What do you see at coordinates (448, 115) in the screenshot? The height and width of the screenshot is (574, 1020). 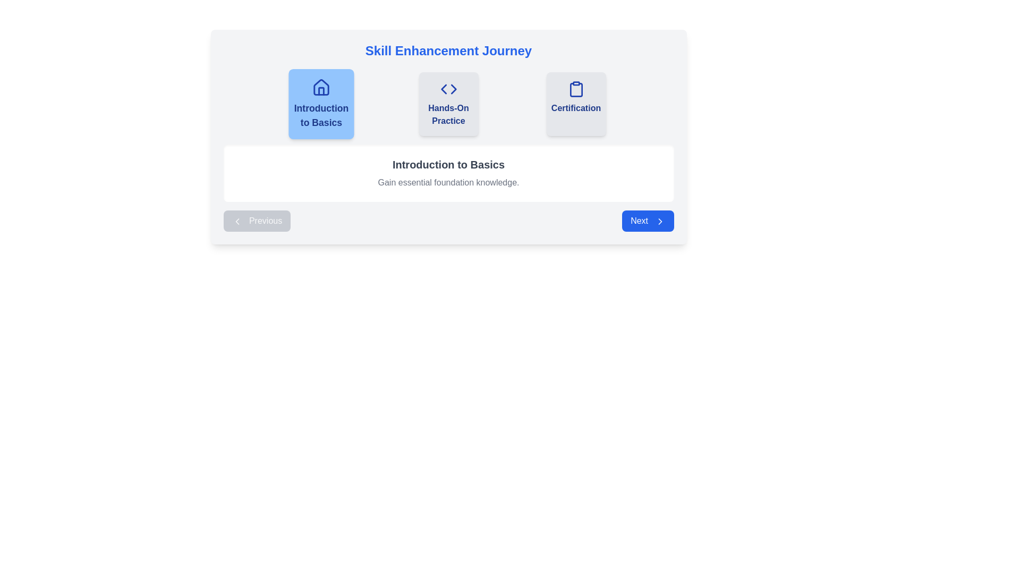 I see `the 'Hands-On Practice' text label` at bounding box center [448, 115].